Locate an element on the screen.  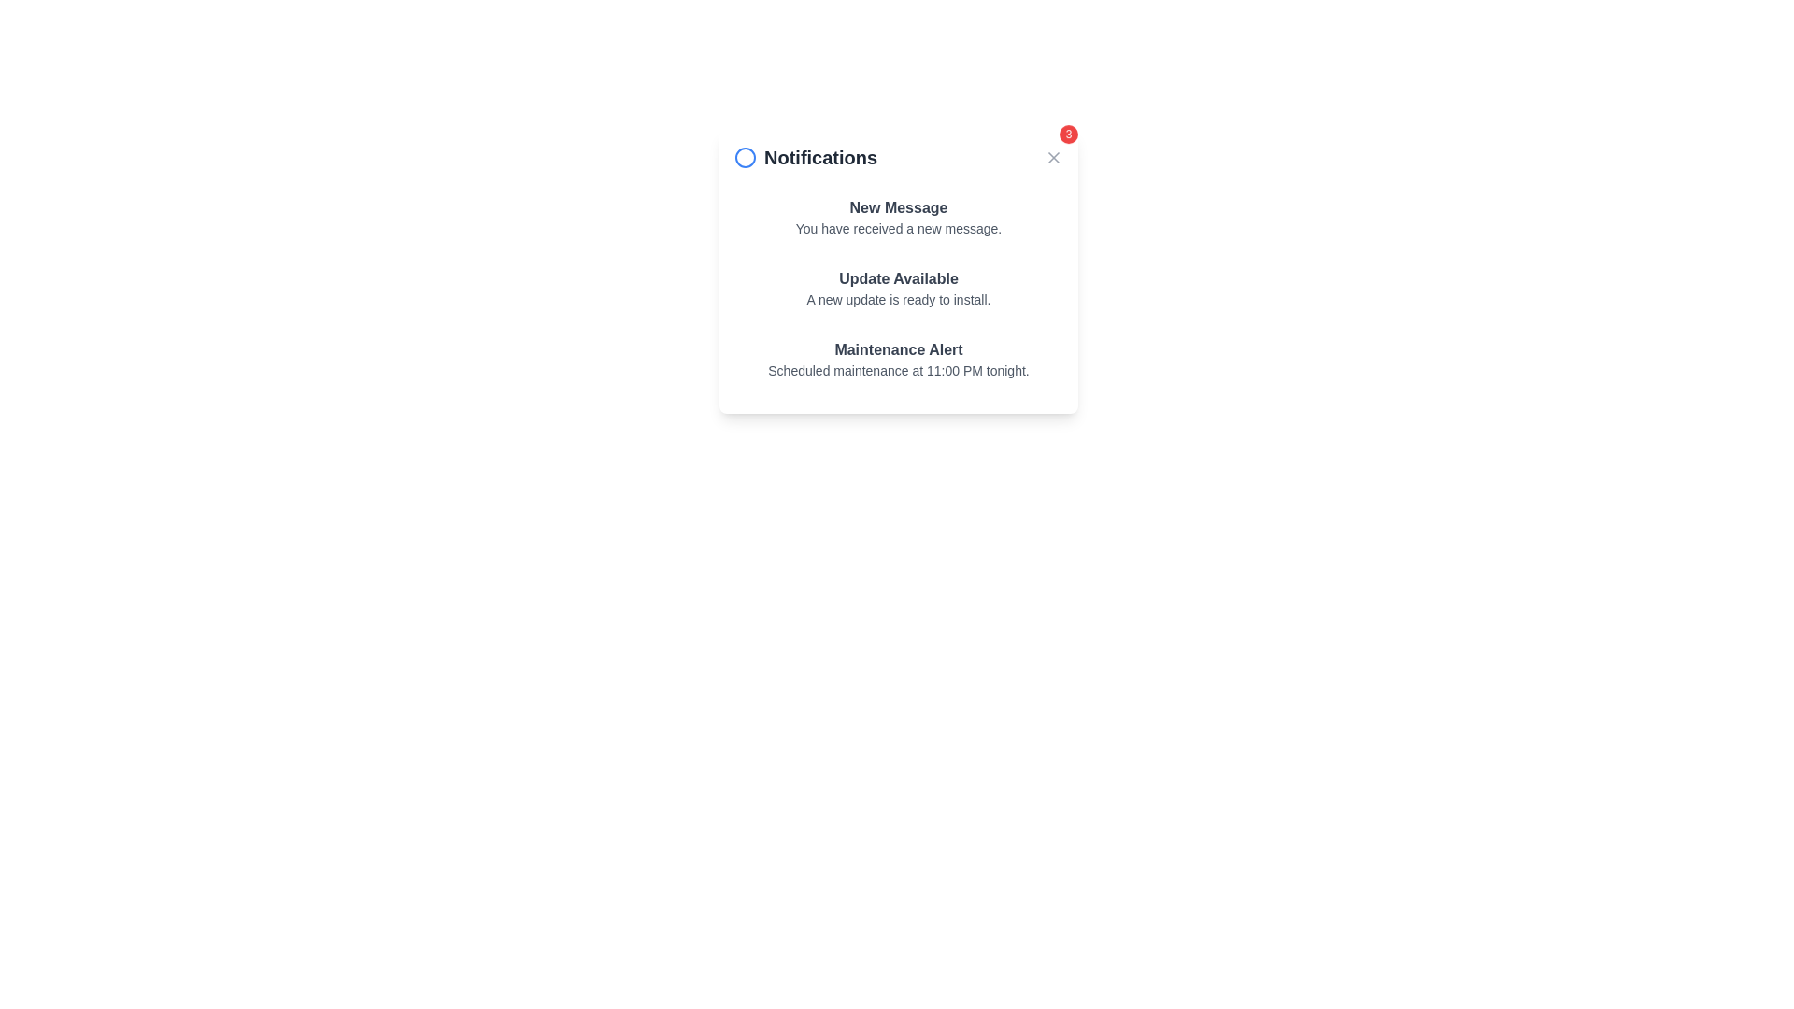
the Informational panel displaying notifications, which includes 'New Message,' 'Update Available,' and 'Maintenance Alert.' is located at coordinates (898, 288).